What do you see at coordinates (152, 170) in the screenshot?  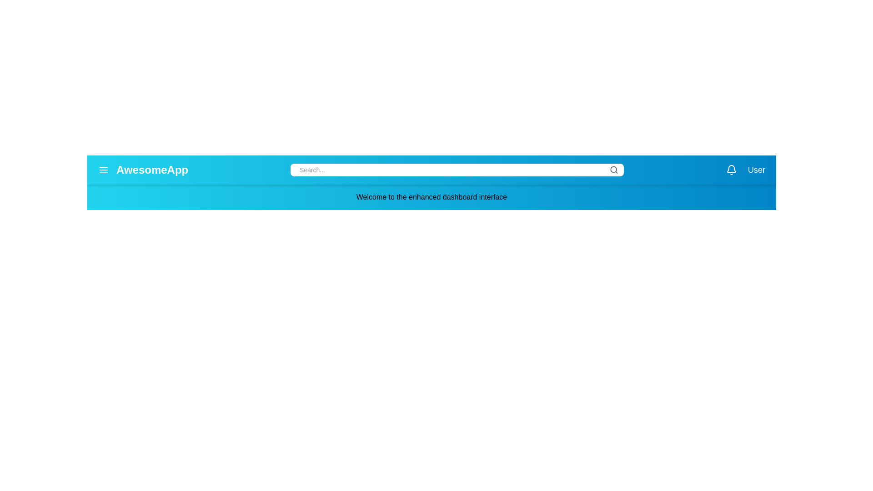 I see `the prominent text label 'AwesomeApp' styled in bold white font, located in the header bar, to the right of the menu icon` at bounding box center [152, 170].